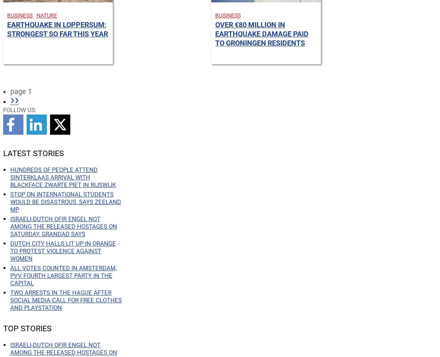 The width and height of the screenshot is (440, 357). What do you see at coordinates (33, 153) in the screenshot?
I see `'Latest stories'` at bounding box center [33, 153].